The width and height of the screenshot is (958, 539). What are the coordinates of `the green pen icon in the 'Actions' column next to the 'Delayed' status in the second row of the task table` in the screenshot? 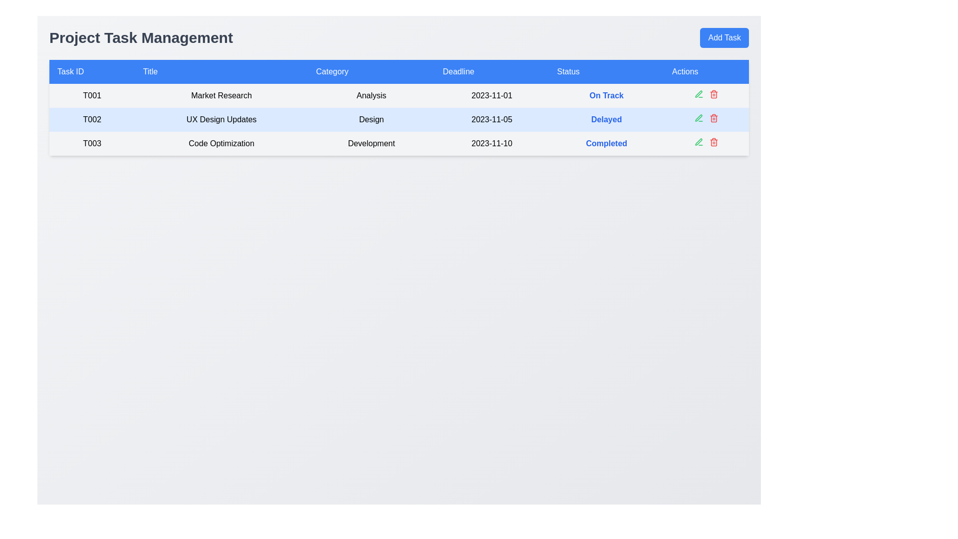 It's located at (699, 142).